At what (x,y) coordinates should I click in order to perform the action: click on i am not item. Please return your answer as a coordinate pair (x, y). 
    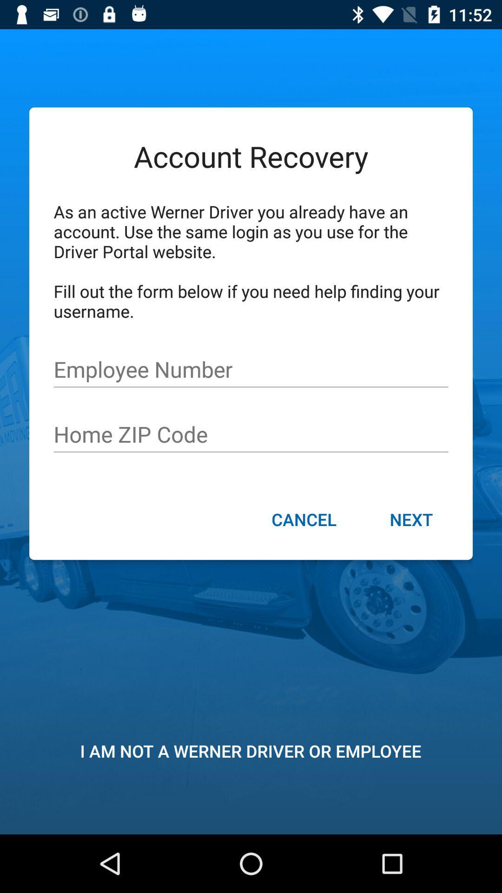
    Looking at the image, I should click on (250, 751).